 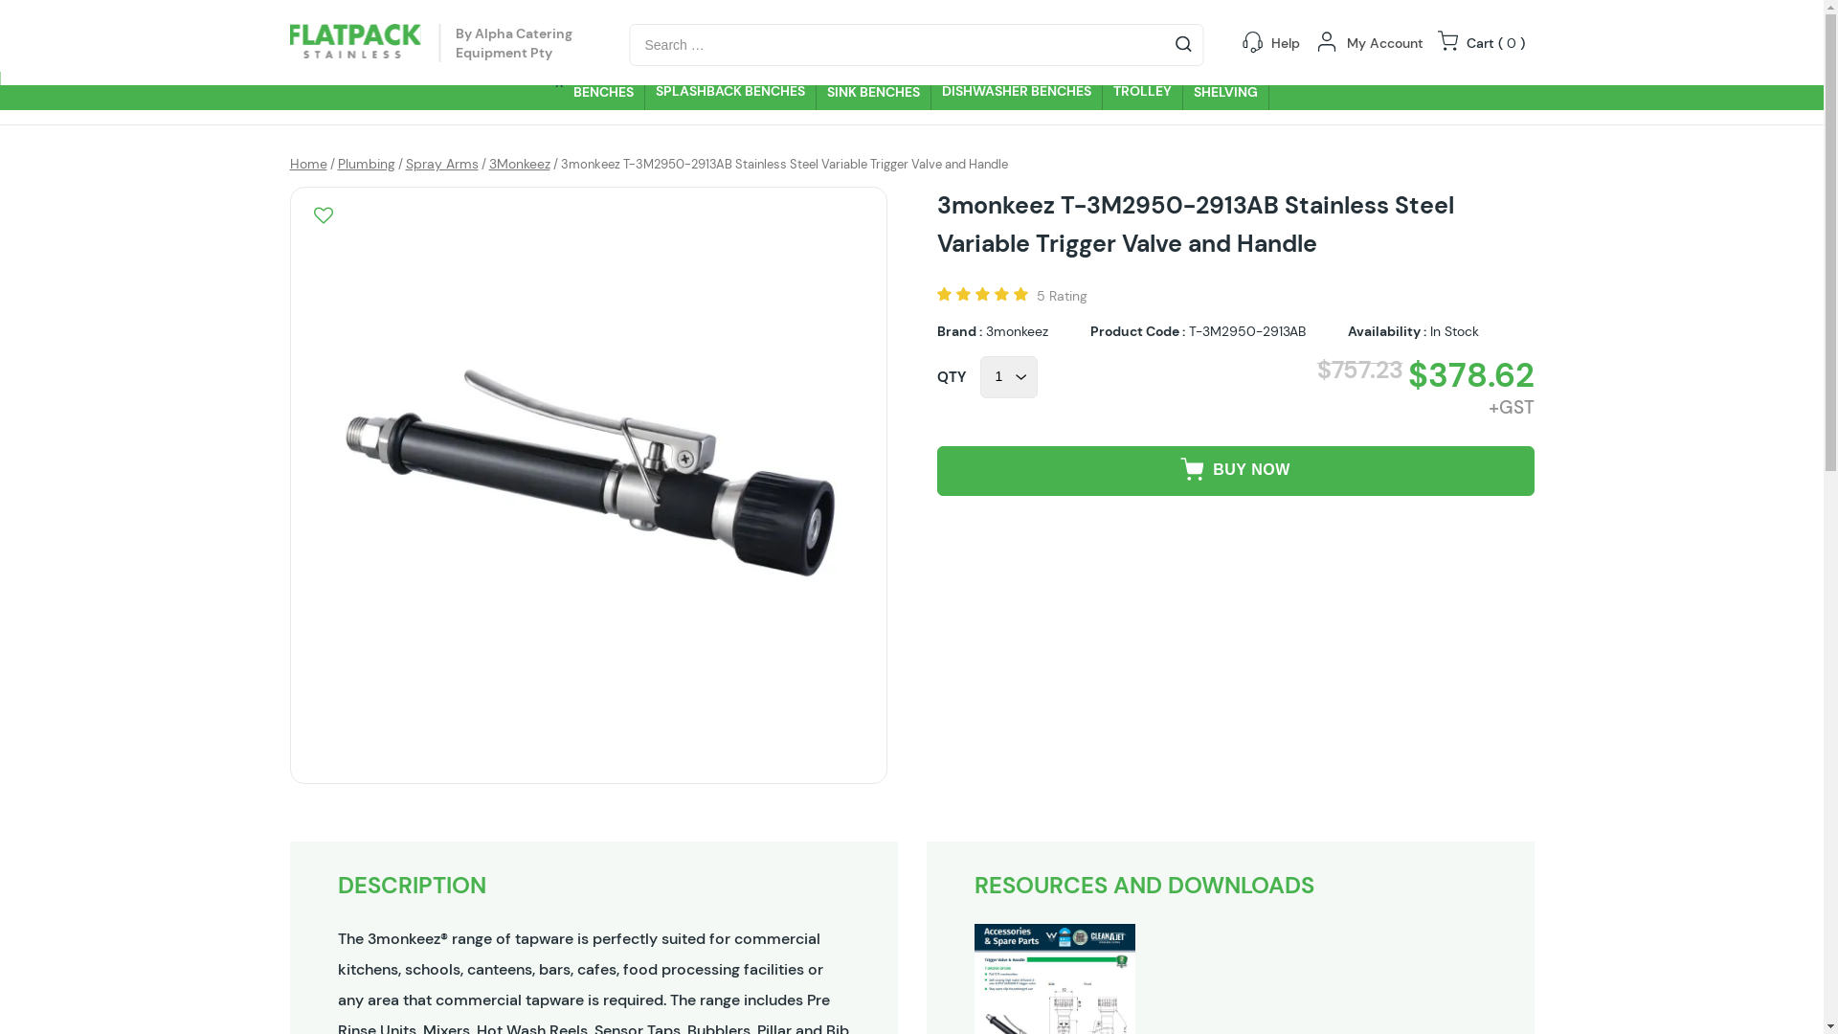 What do you see at coordinates (1143, 91) in the screenshot?
I see `'TROLLEY'` at bounding box center [1143, 91].